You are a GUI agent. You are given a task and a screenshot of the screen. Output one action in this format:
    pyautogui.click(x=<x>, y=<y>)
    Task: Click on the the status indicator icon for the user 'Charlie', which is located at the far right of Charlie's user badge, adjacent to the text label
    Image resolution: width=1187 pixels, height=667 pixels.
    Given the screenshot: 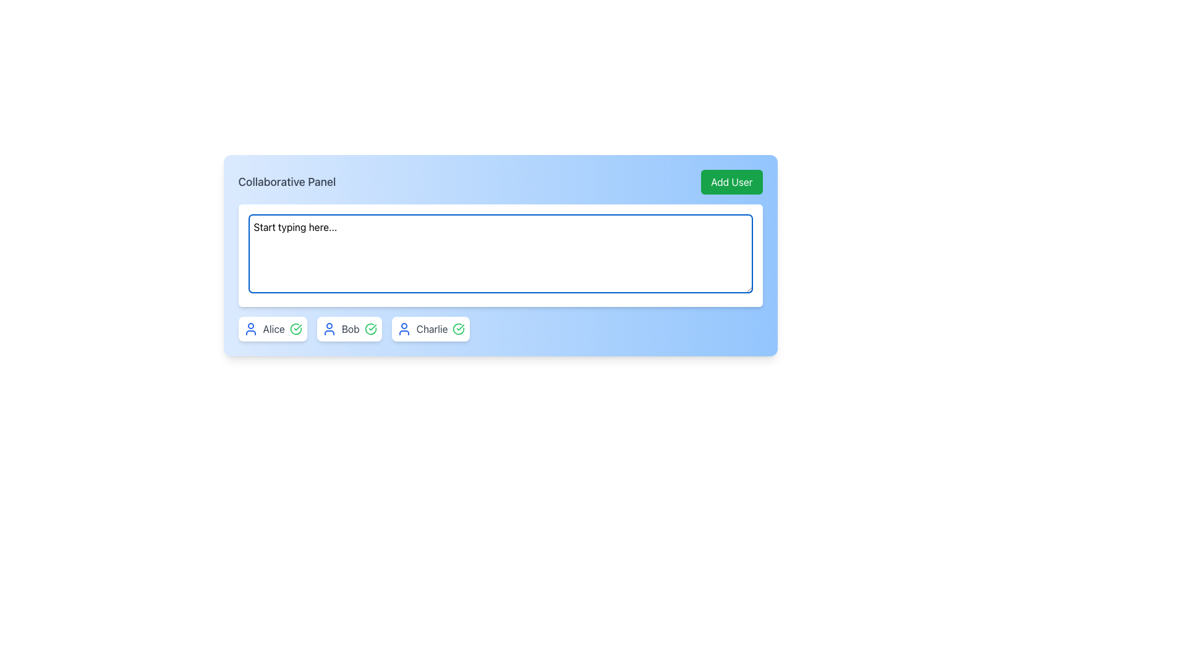 What is the action you would take?
    pyautogui.click(x=458, y=328)
    